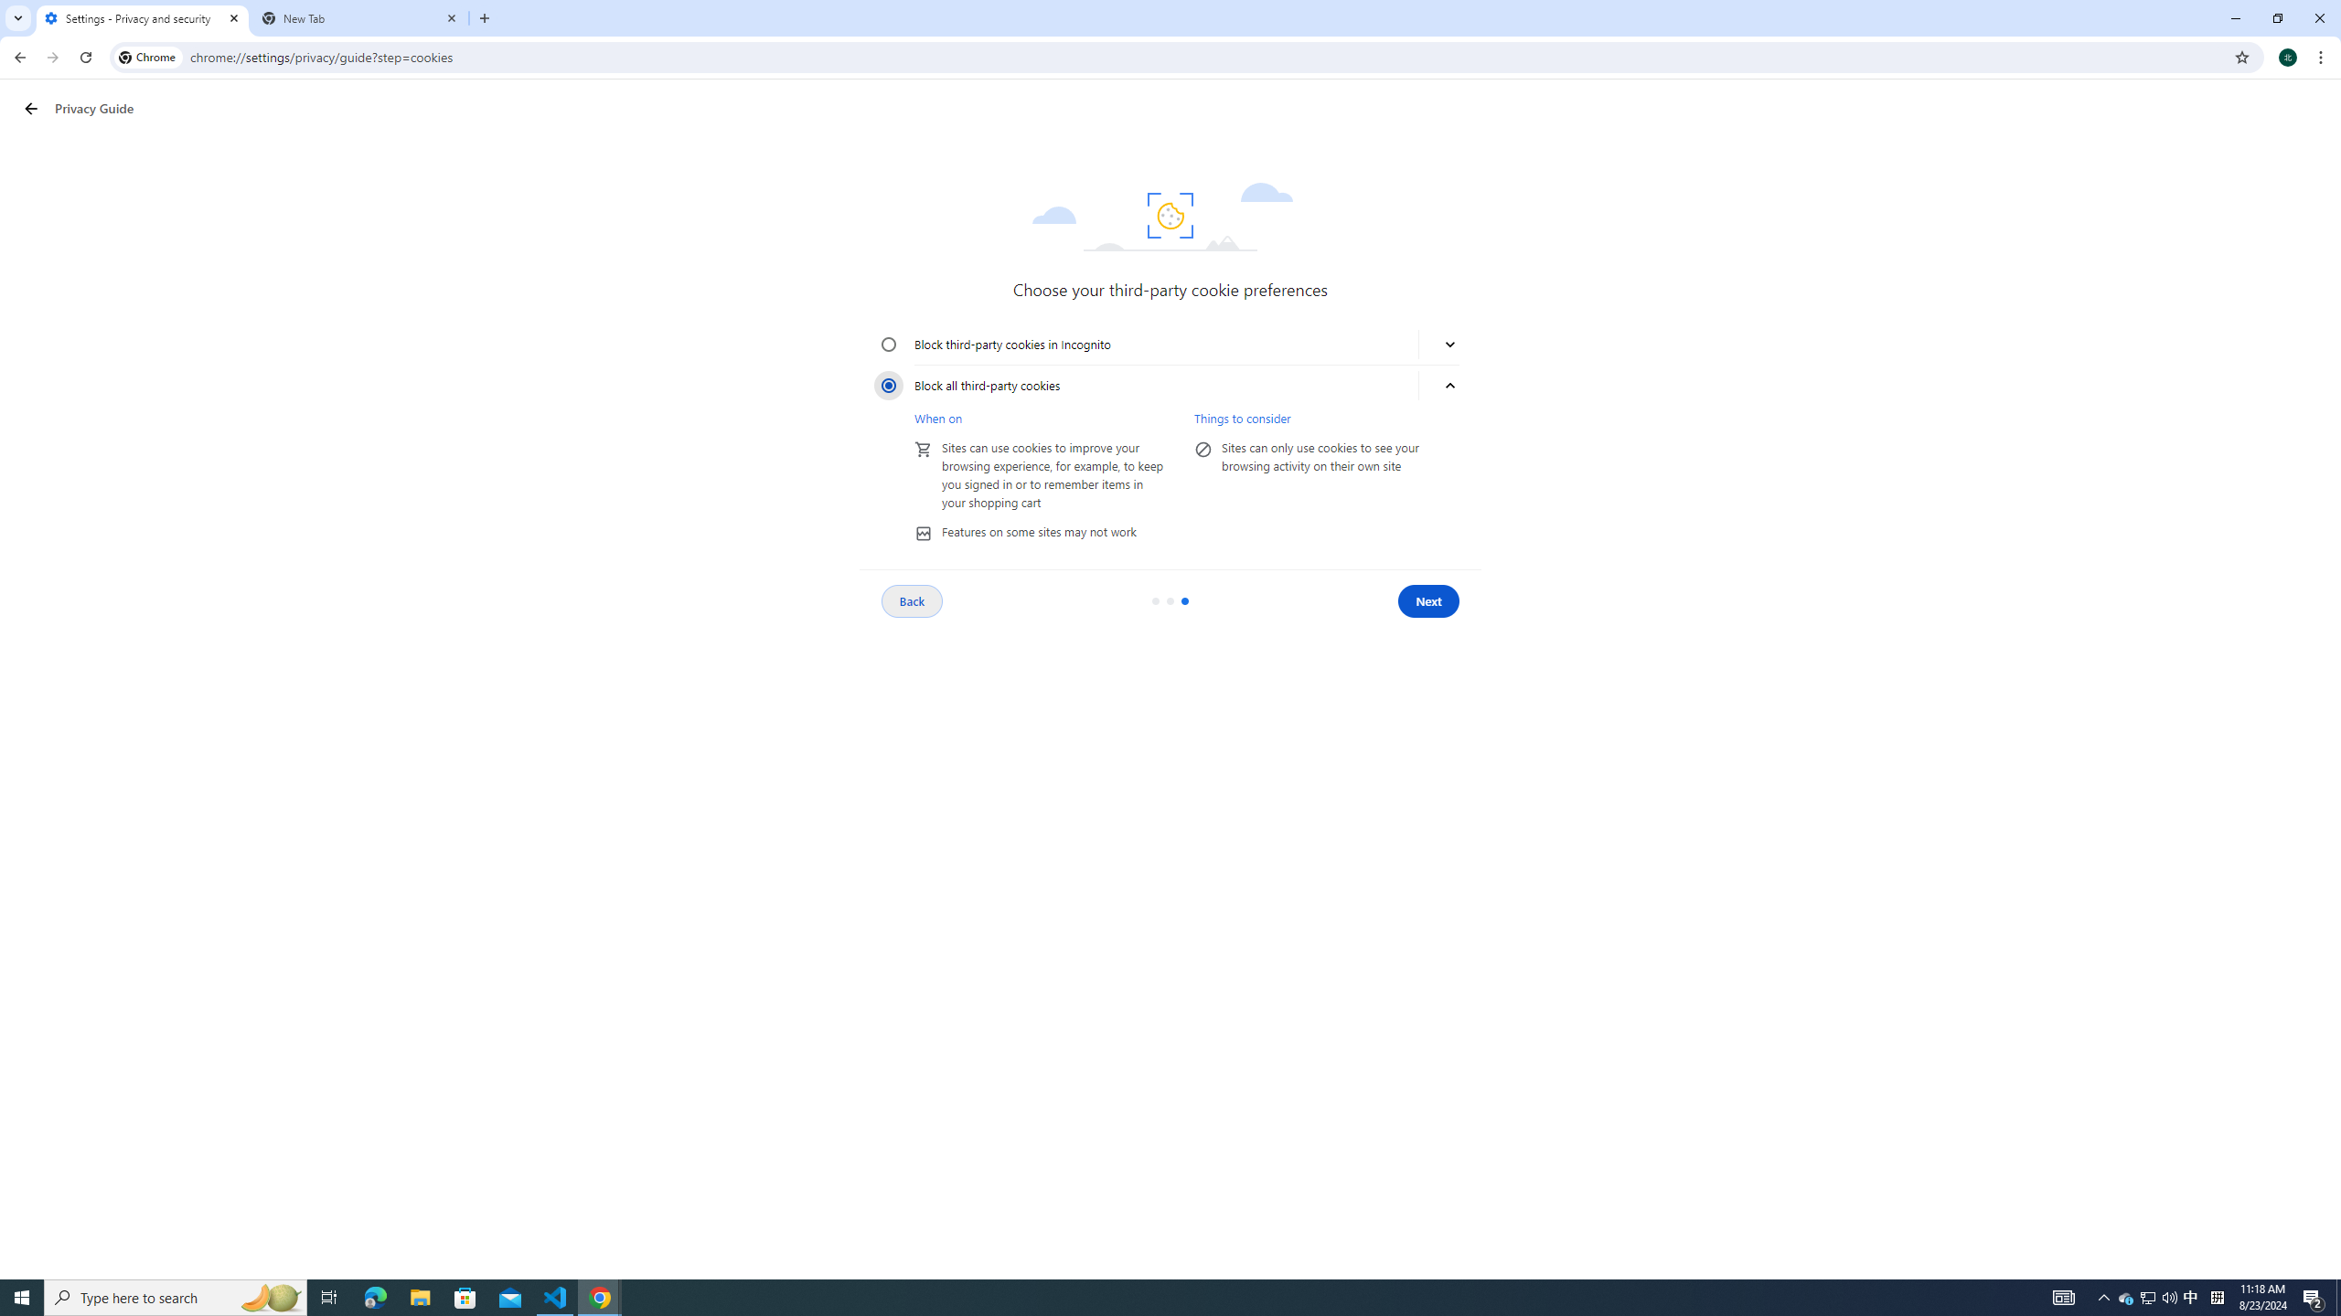 The width and height of the screenshot is (2341, 1316). I want to click on 'Next', so click(1427, 601).